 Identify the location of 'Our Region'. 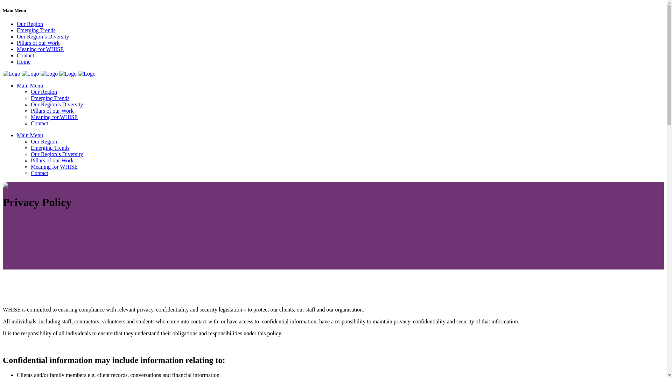
(29, 23).